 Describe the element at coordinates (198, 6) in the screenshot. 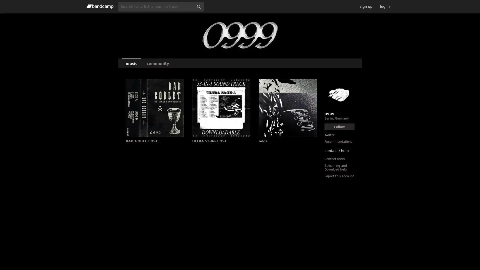

I see `submit for full search page` at that location.